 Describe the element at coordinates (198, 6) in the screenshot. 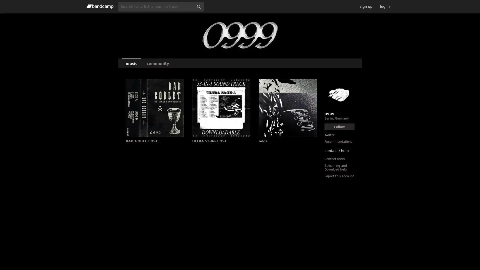

I see `submit for full search page` at that location.